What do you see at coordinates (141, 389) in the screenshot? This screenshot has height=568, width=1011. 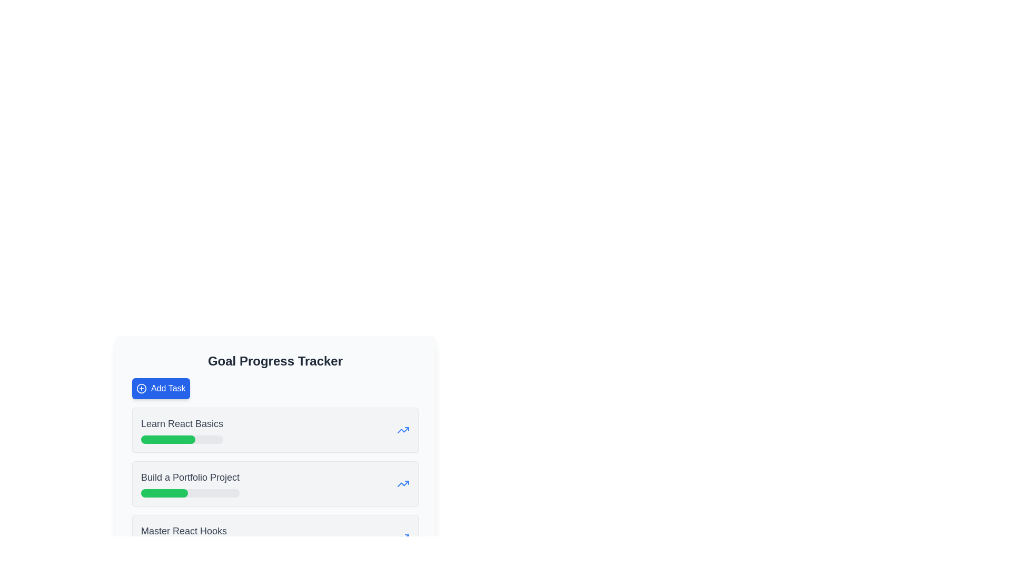 I see `the SVG circle that visually represents the 'Add Task' button, enhancing its interactivity` at bounding box center [141, 389].